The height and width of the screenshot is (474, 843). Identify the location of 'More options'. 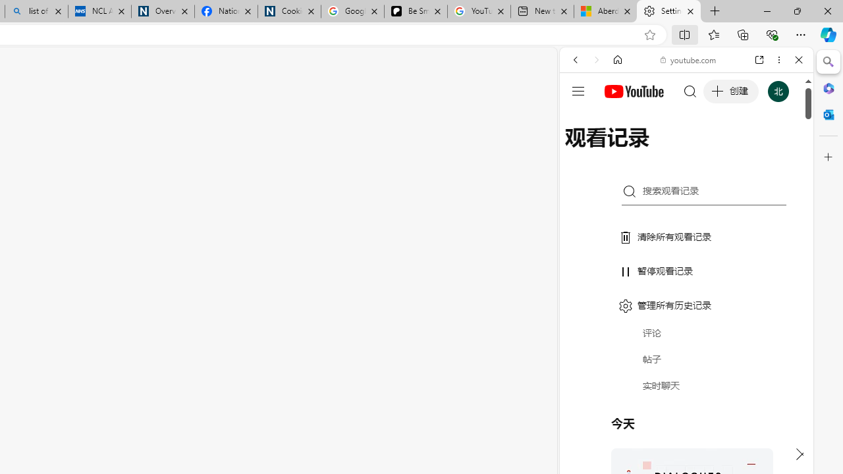
(778, 60).